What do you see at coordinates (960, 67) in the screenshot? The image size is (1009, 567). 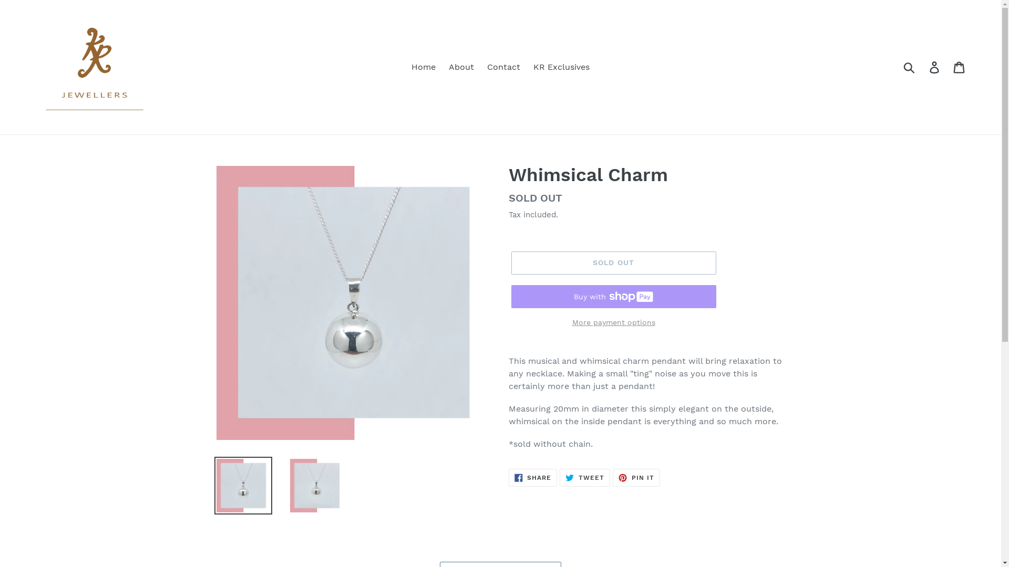 I see `'Cart'` at bounding box center [960, 67].